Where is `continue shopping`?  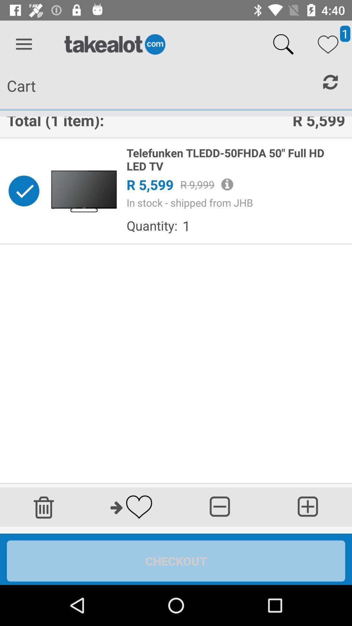 continue shopping is located at coordinates (176, 560).